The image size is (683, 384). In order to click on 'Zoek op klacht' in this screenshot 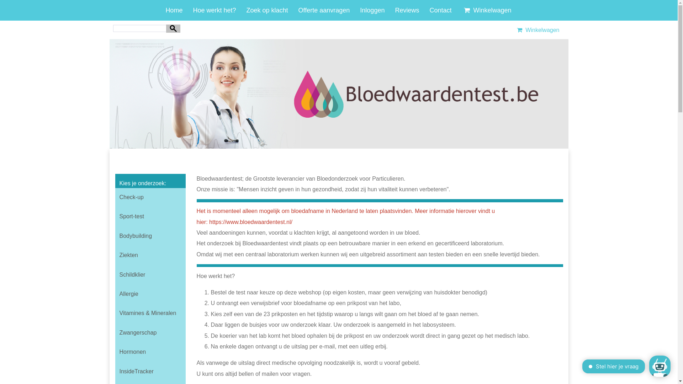, I will do `click(246, 10)`.